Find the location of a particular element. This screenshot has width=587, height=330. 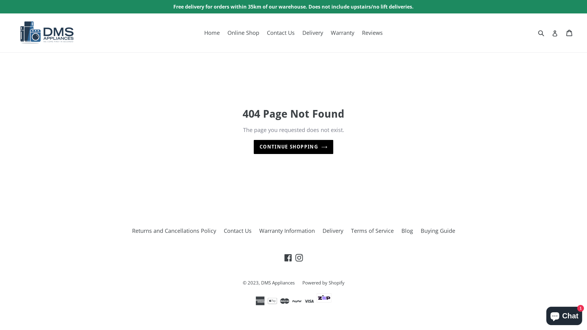

'Warranty Information' is located at coordinates (259, 231).